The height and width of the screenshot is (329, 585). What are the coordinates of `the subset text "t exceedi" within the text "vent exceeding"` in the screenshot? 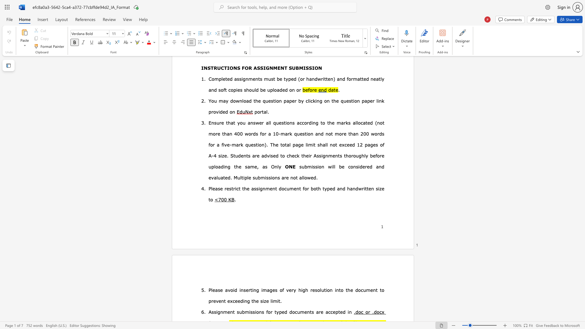 It's located at (224, 300).